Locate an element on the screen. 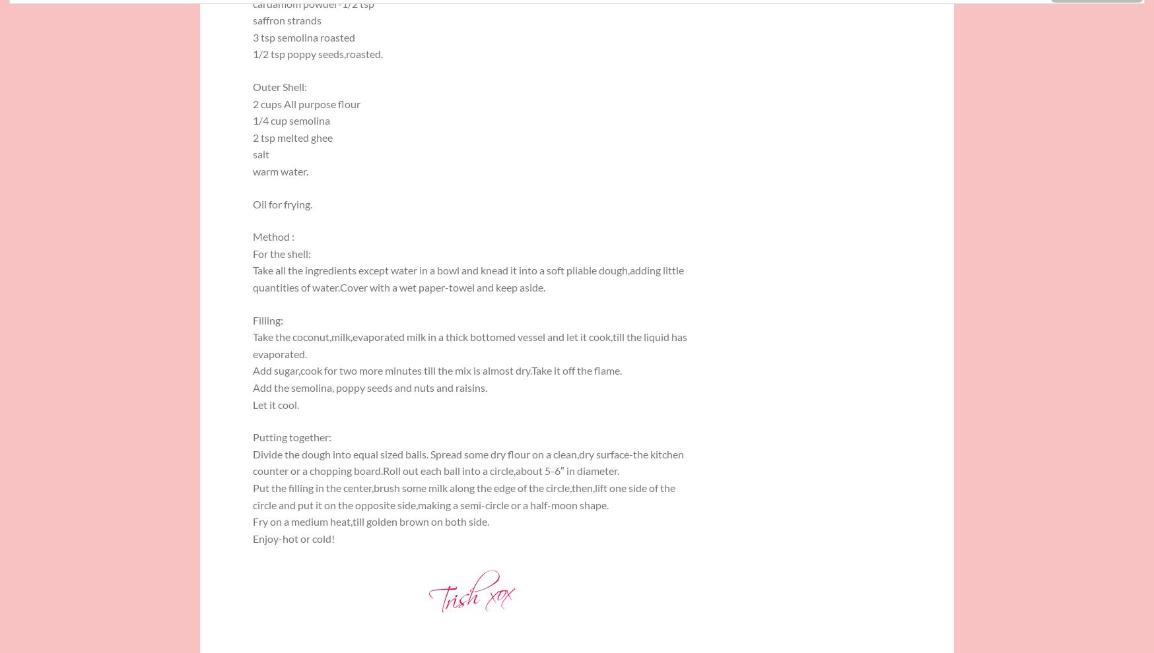 This screenshot has width=1154, height=653. 'Add sugar,cook for two more minutes till the mix is almost dry.Take it off the flame.' is located at coordinates (437, 370).